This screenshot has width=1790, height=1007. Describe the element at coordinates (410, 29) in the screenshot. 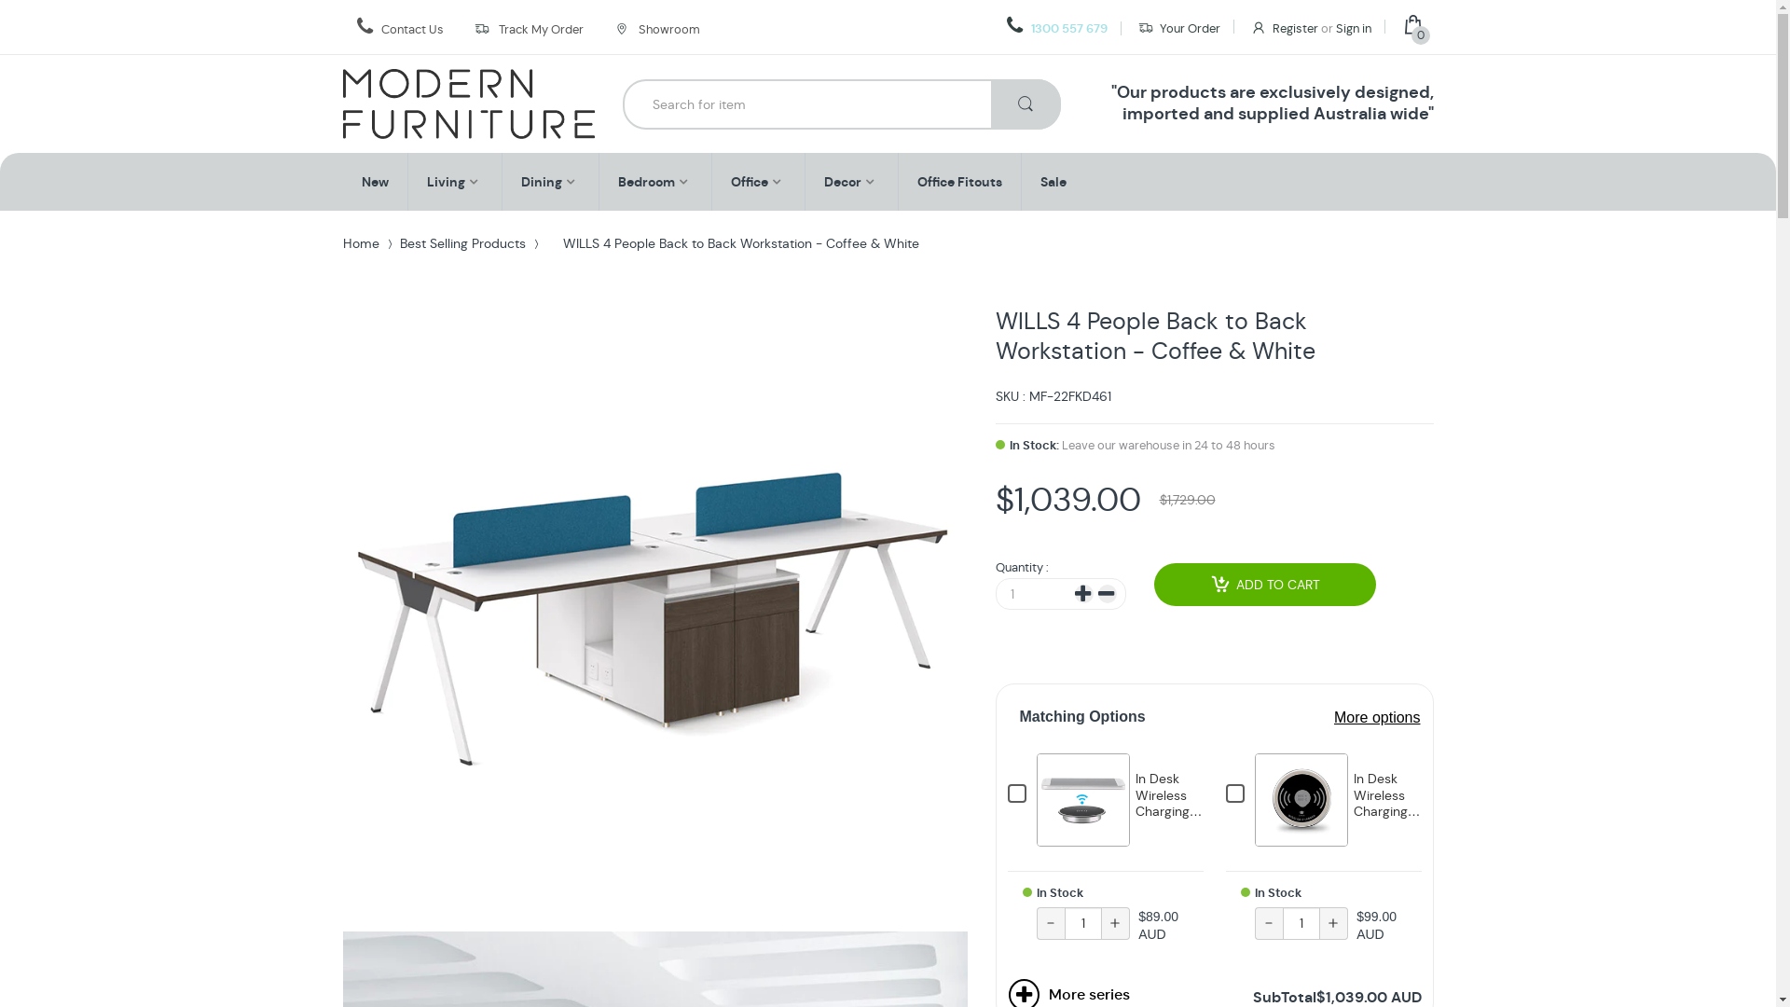

I see `'Contact Us'` at that location.